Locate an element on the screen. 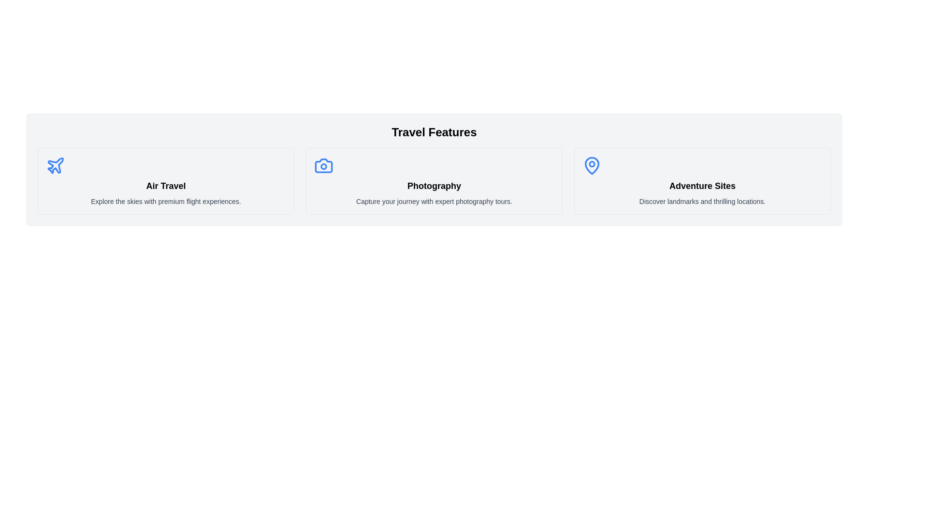  the small circular icon located at the center of the pin icon in the third card labeled 'Adventure Sites' under the 'Travel Features' section is located at coordinates (591, 163).